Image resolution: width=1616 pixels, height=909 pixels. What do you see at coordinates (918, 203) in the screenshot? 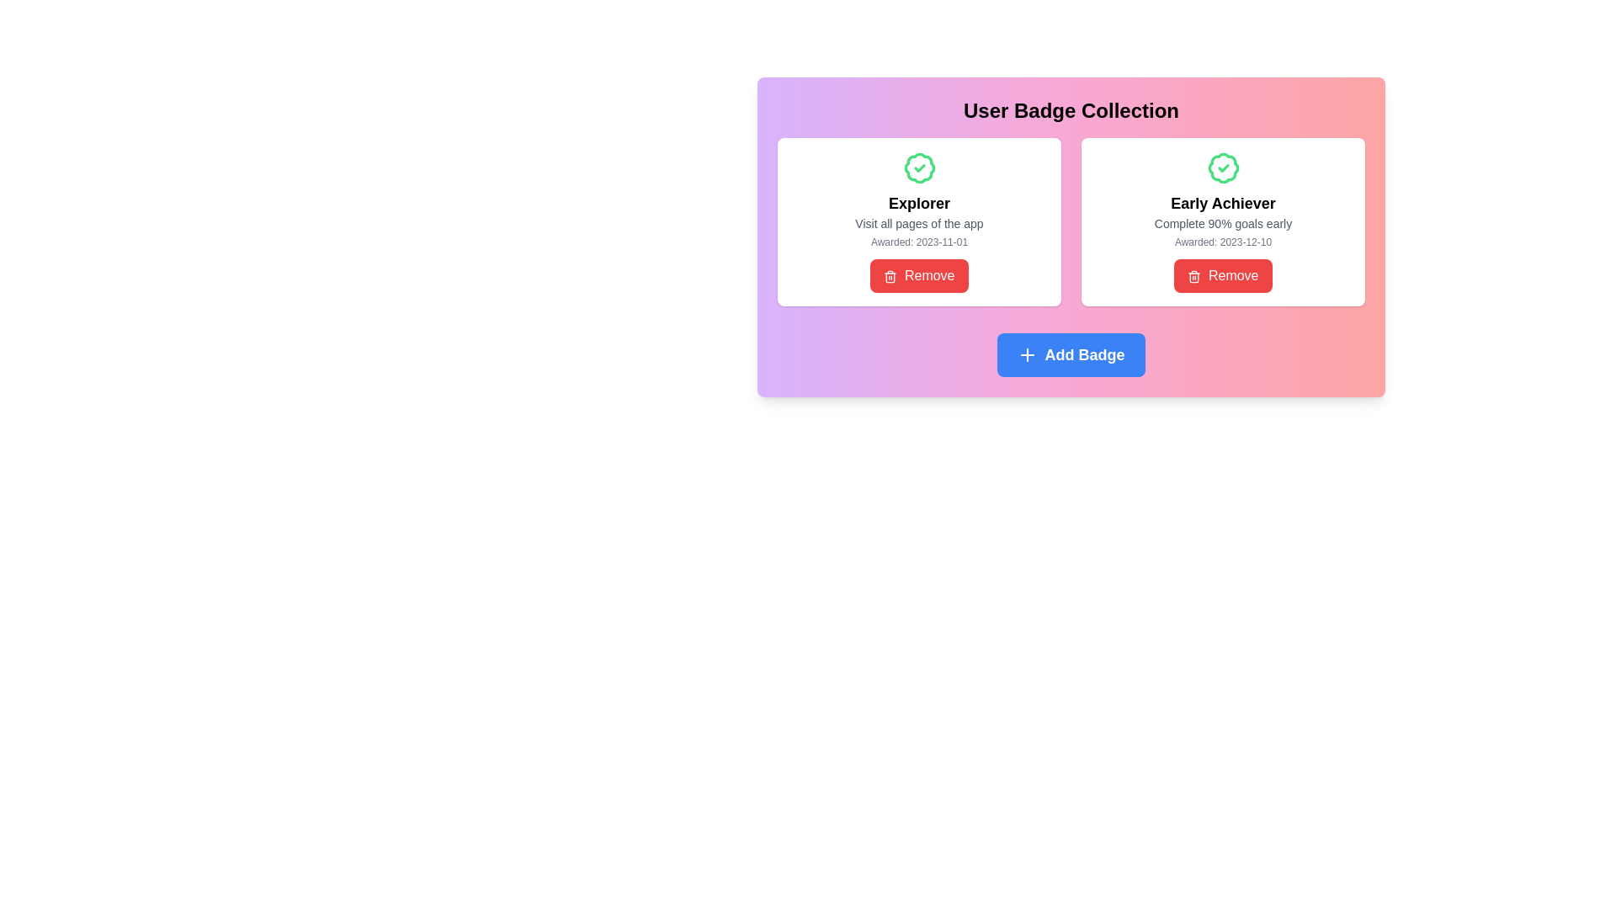
I see `the prominently styled static text label displaying the word 'Explorer', which is located within the left card of the 'User Badge Collection' section, positioned below a green badge icon and above the description text labeled 'Visit all pages of the app'` at bounding box center [918, 203].